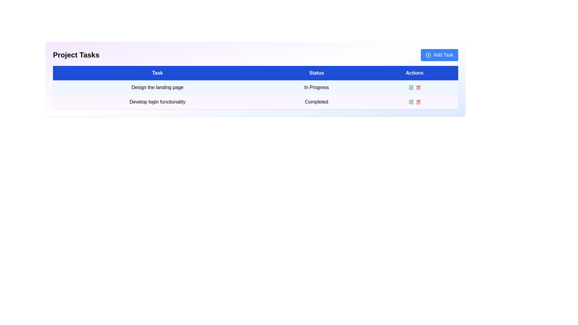  I want to click on the SVG icon representing the edit action for the 'Develop login functionality' task in the Actions column of the task table, so click(411, 87).